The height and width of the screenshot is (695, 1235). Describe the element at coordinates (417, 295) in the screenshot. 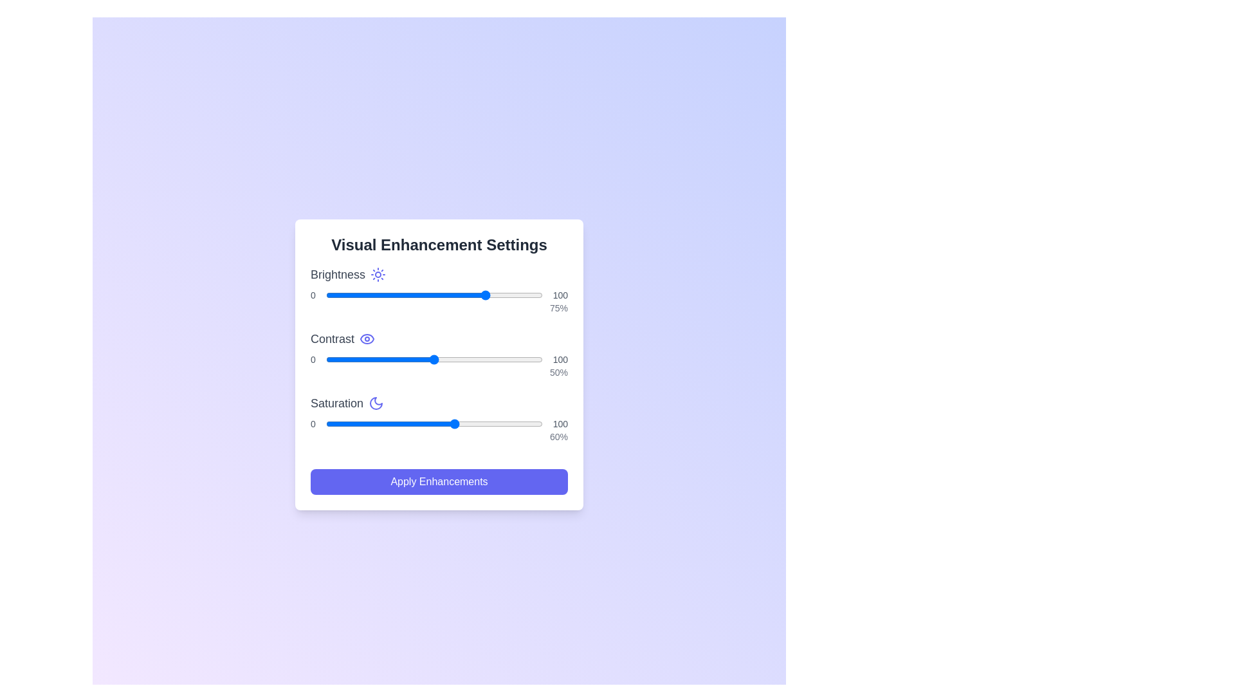

I see `the brightness slider to set the brightness level to 42` at that location.